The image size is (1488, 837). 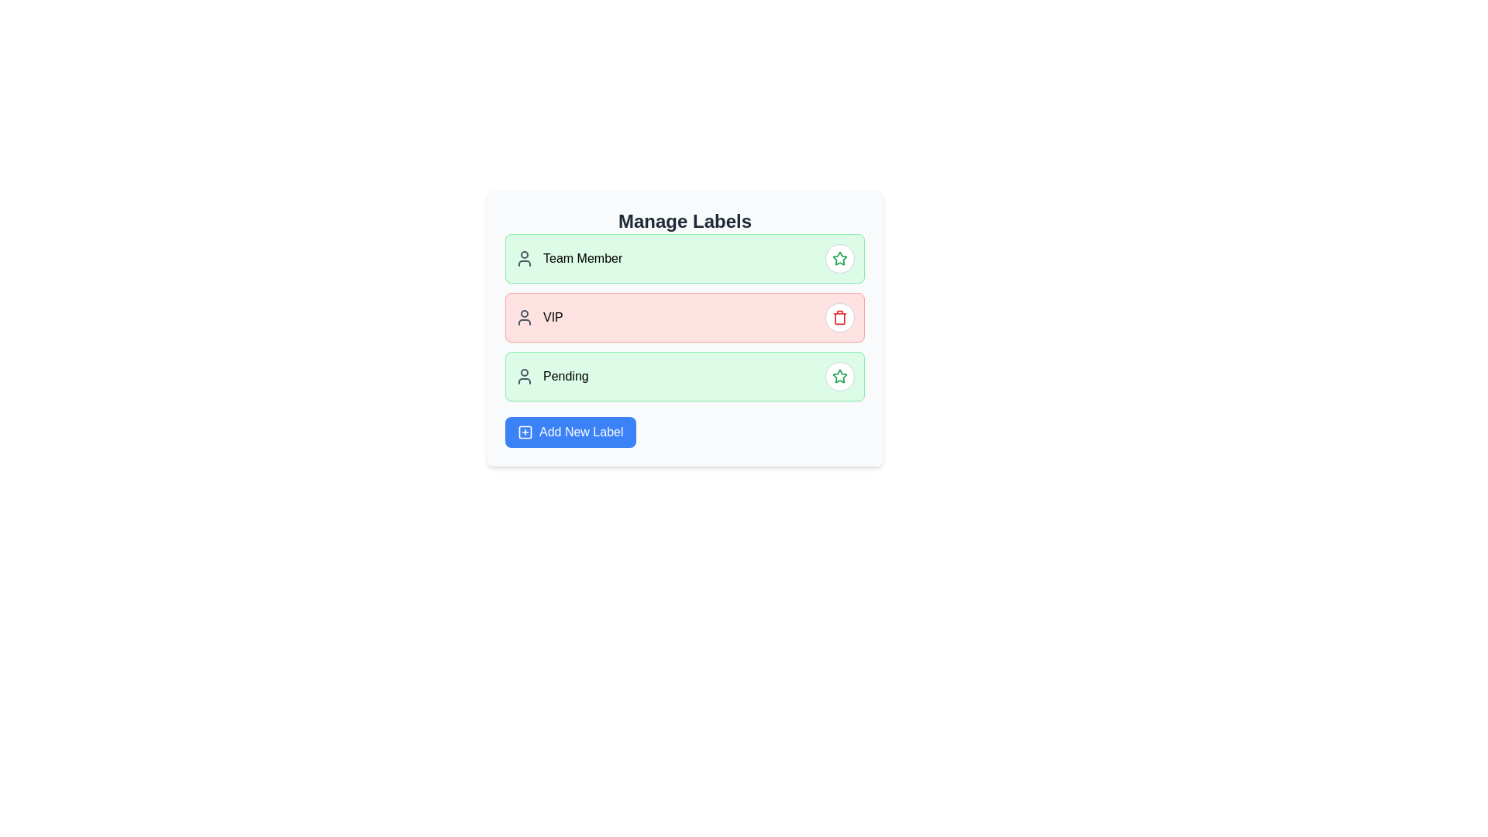 I want to click on the delete button located to the far right of the 'VIP' label, which is inside a red-highlighted box. This action will trigger the hover effect for the button, so click(x=839, y=316).